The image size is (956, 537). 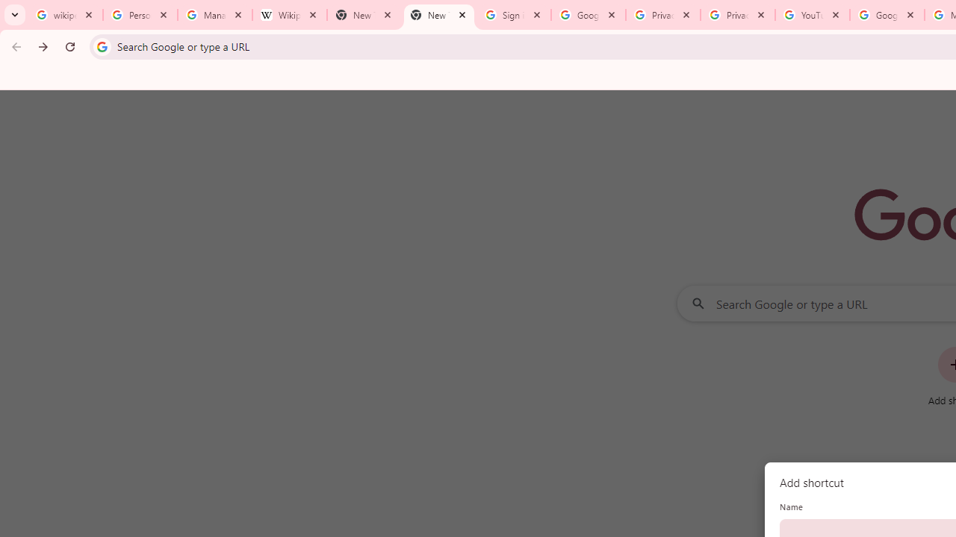 What do you see at coordinates (588, 15) in the screenshot?
I see `'Google Drive: Sign-in'` at bounding box center [588, 15].